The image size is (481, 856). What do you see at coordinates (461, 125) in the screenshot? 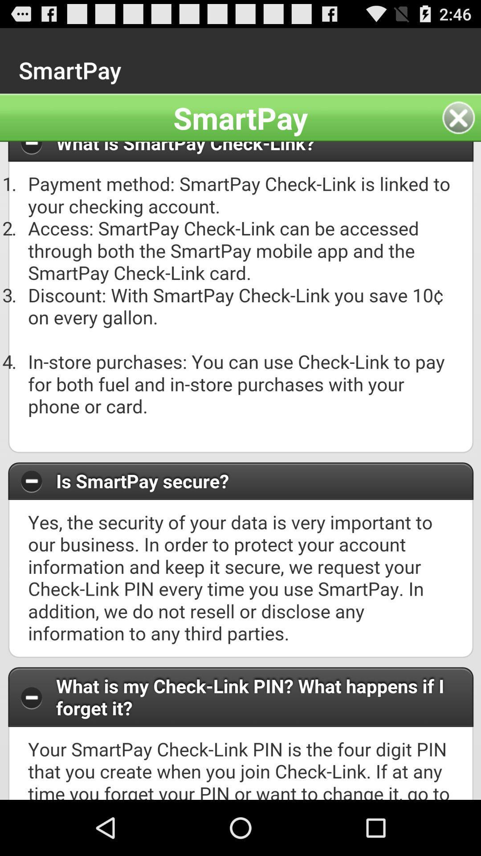
I see `the close icon` at bounding box center [461, 125].